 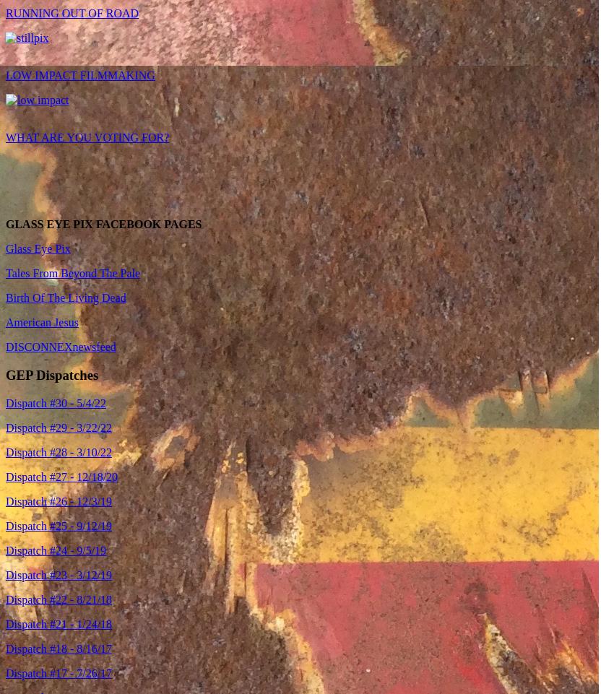 What do you see at coordinates (5, 224) in the screenshot?
I see `'GLASS EYE PIX FACEBOOK PAGES'` at bounding box center [5, 224].